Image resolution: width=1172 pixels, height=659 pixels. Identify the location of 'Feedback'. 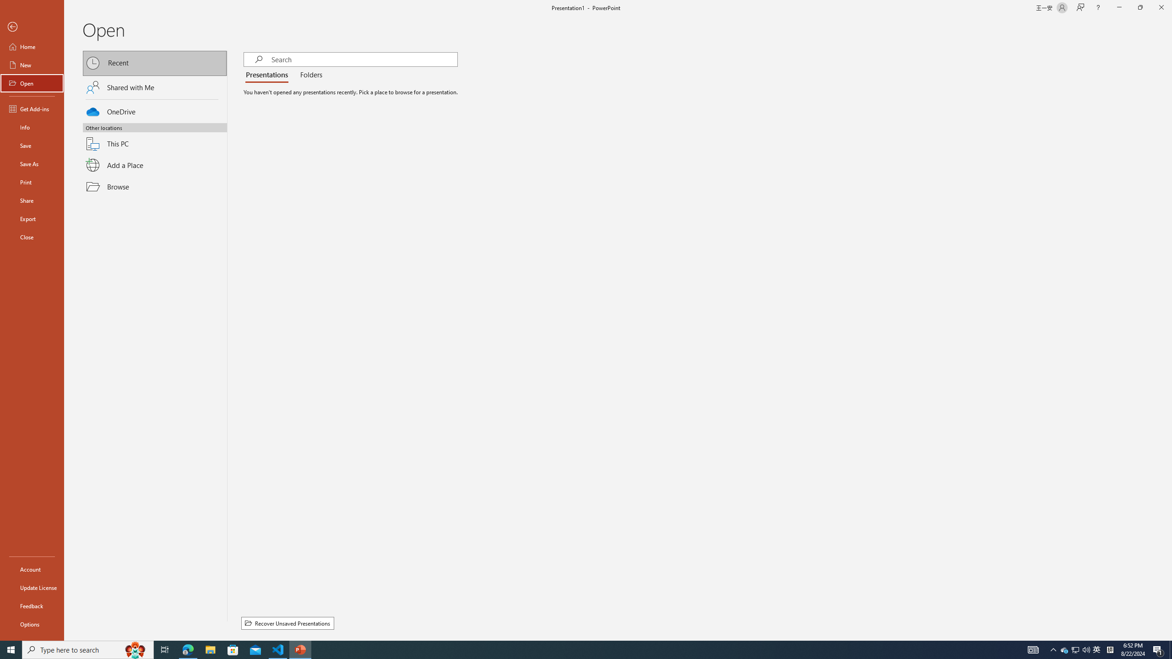
(32, 606).